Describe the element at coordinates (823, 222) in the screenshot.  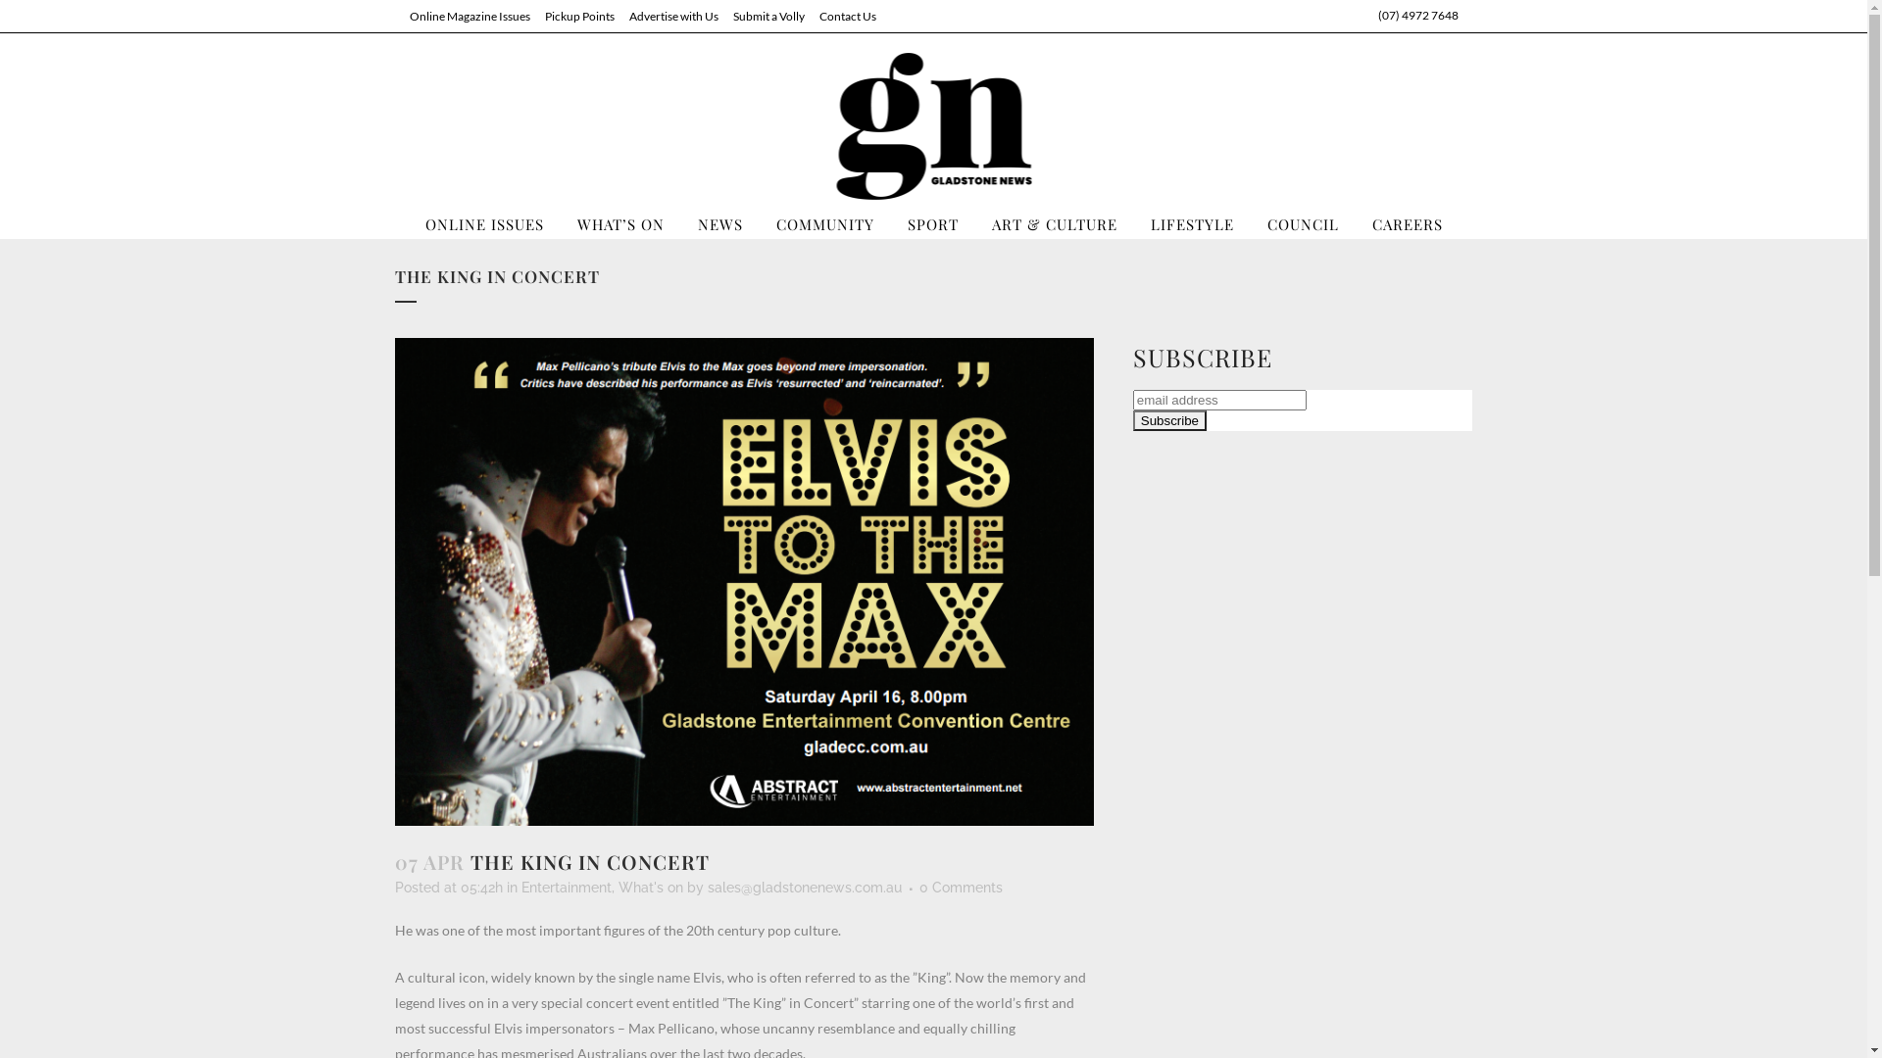
I see `'COMMUNITY'` at that location.